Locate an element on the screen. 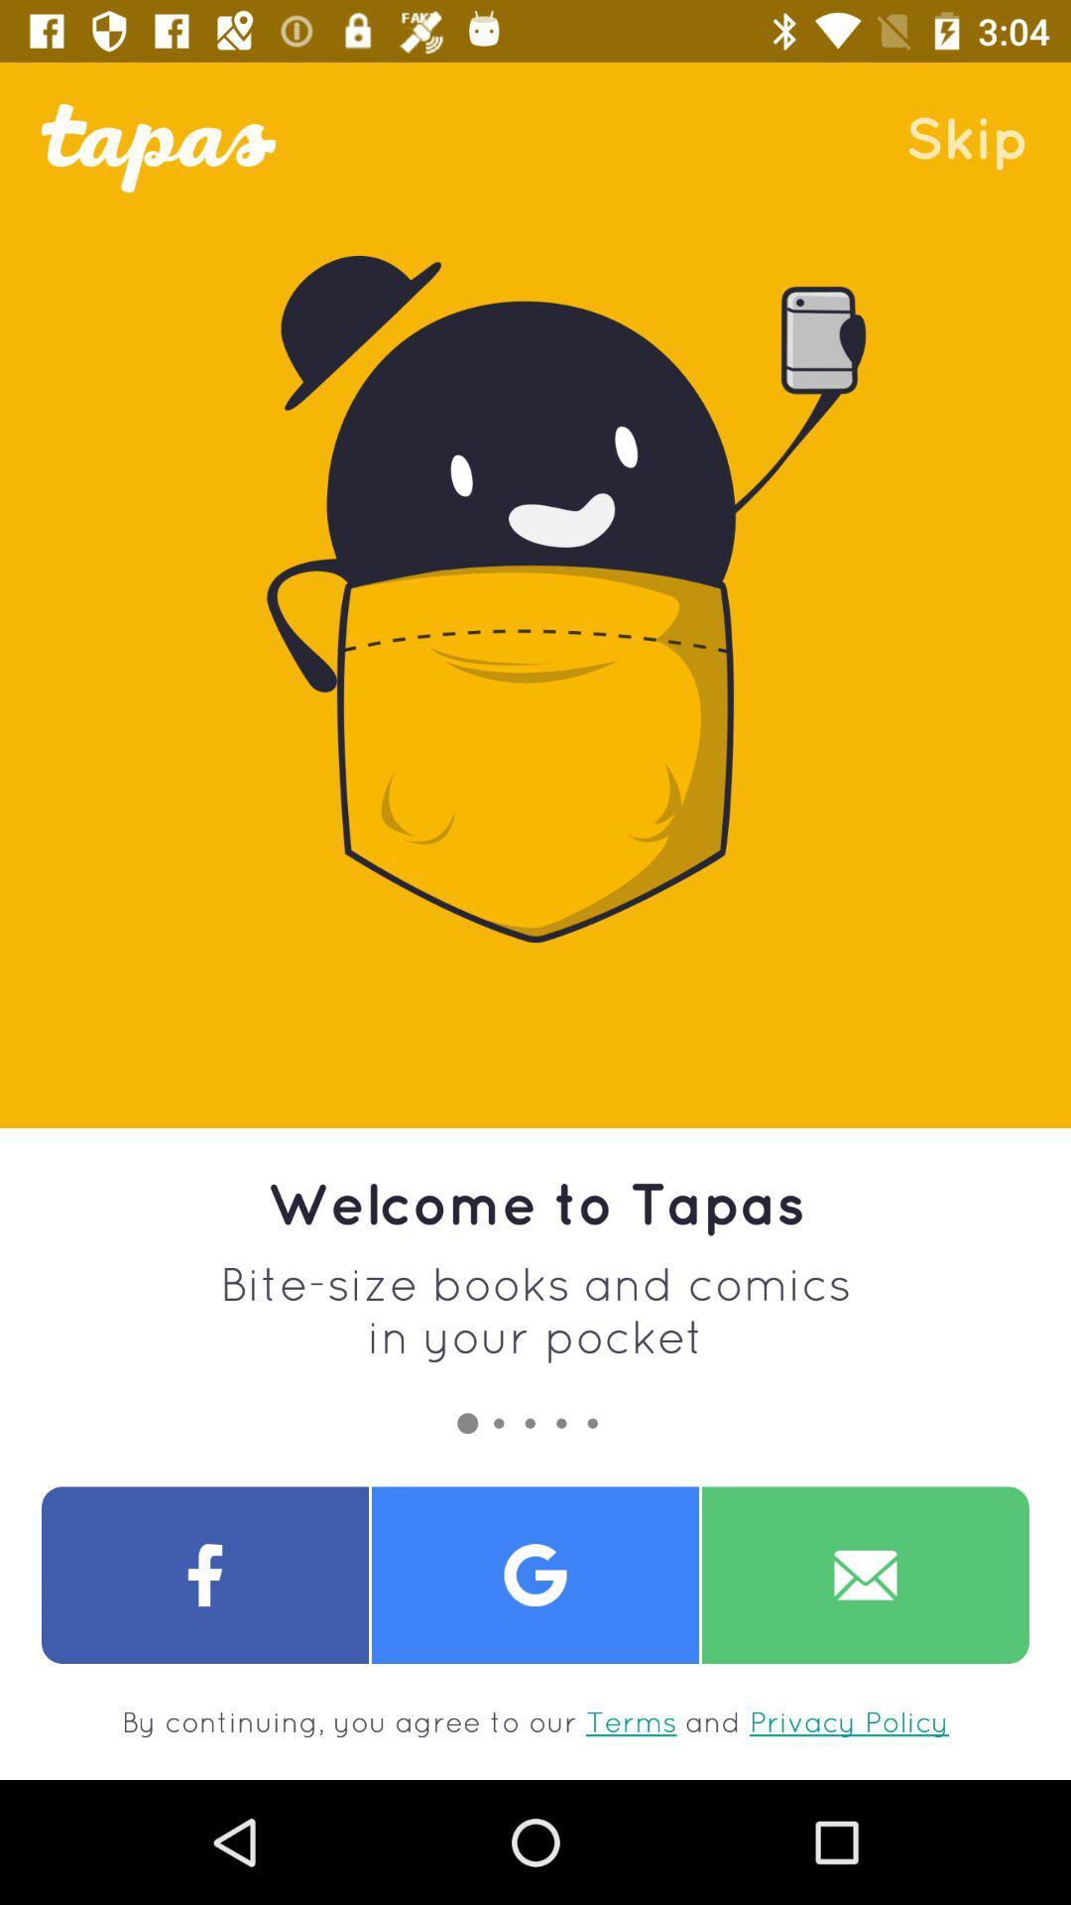 The image size is (1071, 1905). the facebook icon is located at coordinates (205, 1574).